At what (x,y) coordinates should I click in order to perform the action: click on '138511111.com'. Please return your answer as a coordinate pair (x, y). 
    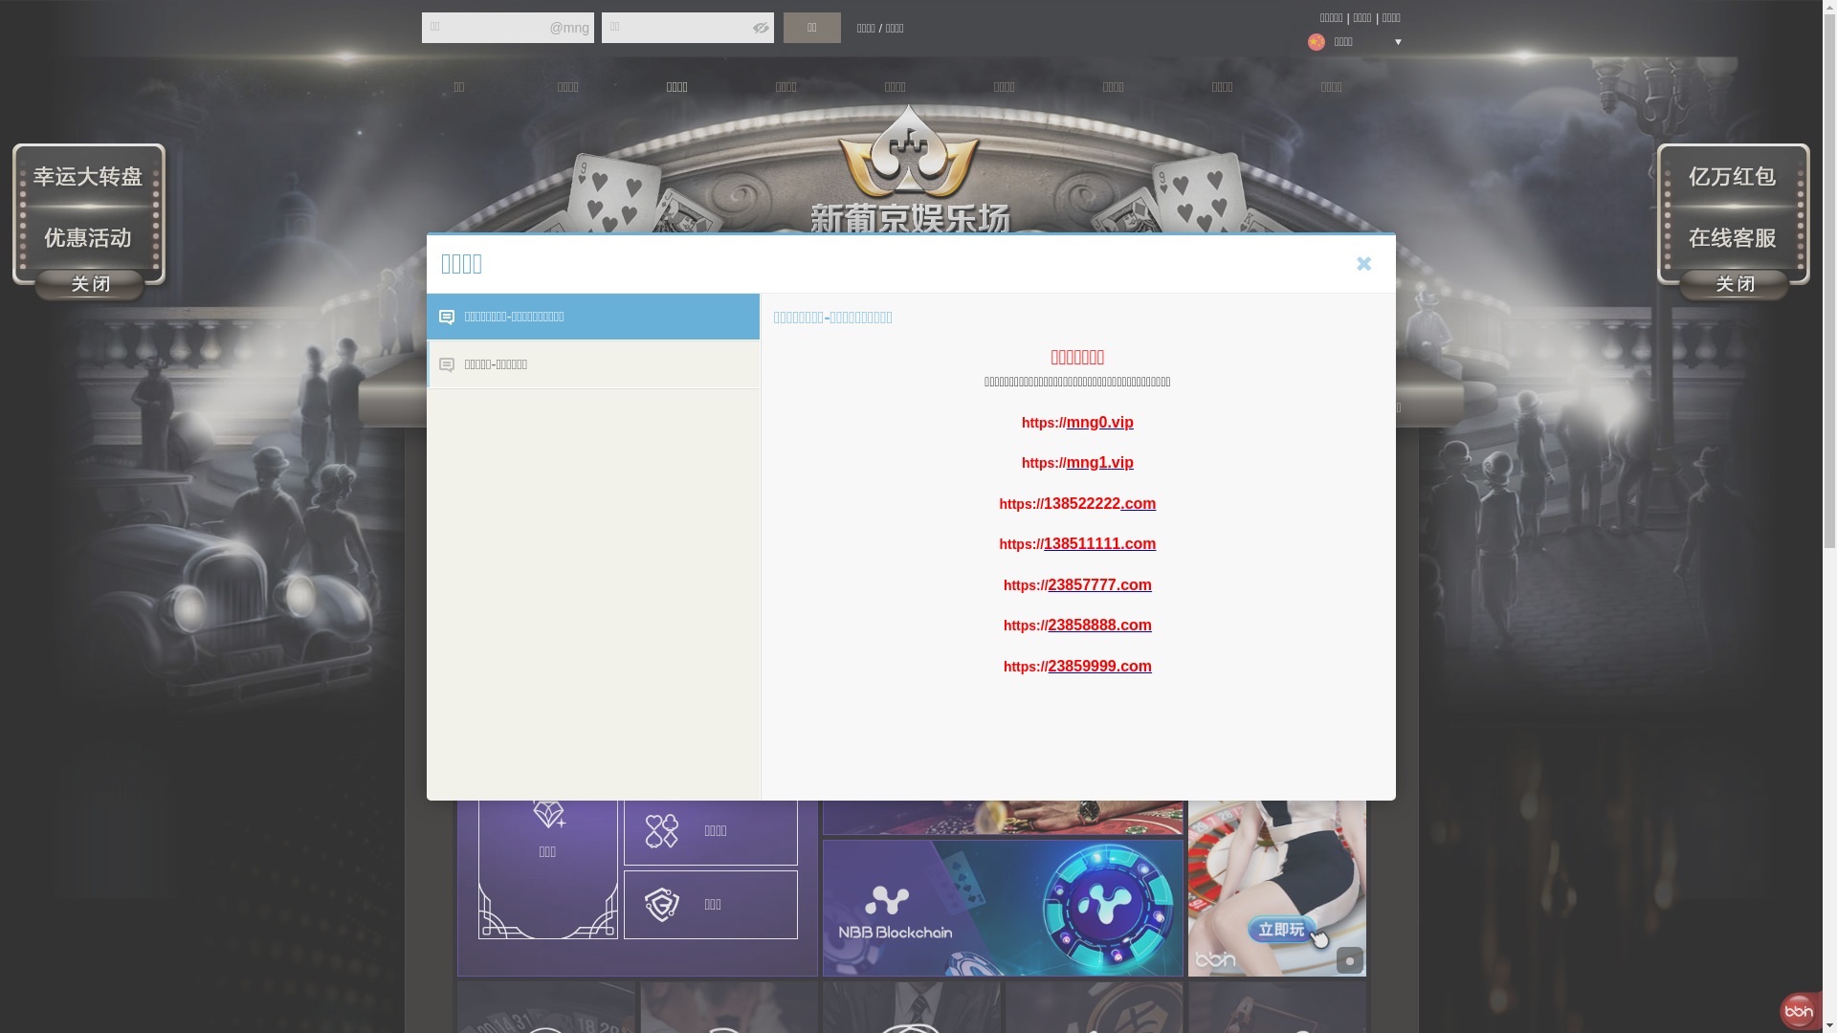
    Looking at the image, I should click on (1099, 543).